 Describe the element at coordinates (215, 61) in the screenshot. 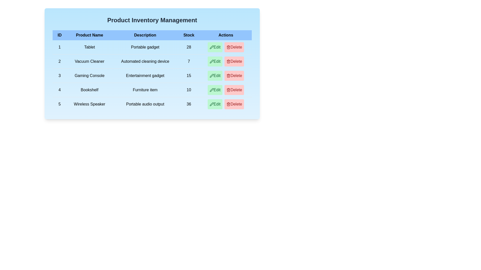

I see `the green 'Edit' button with rounded corners and a pen icon located in the third row of the actions column of a table` at that location.